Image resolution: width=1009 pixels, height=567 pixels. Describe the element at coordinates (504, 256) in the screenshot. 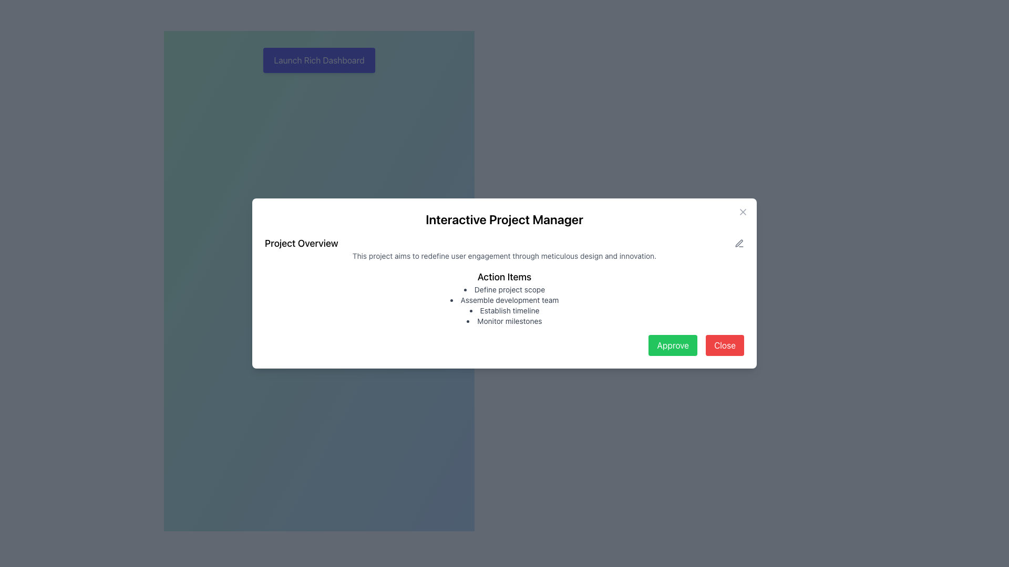

I see `the explanatory text located below the 'Project Overview' title in the modal dialog, which is styled in a smaller gray font` at that location.